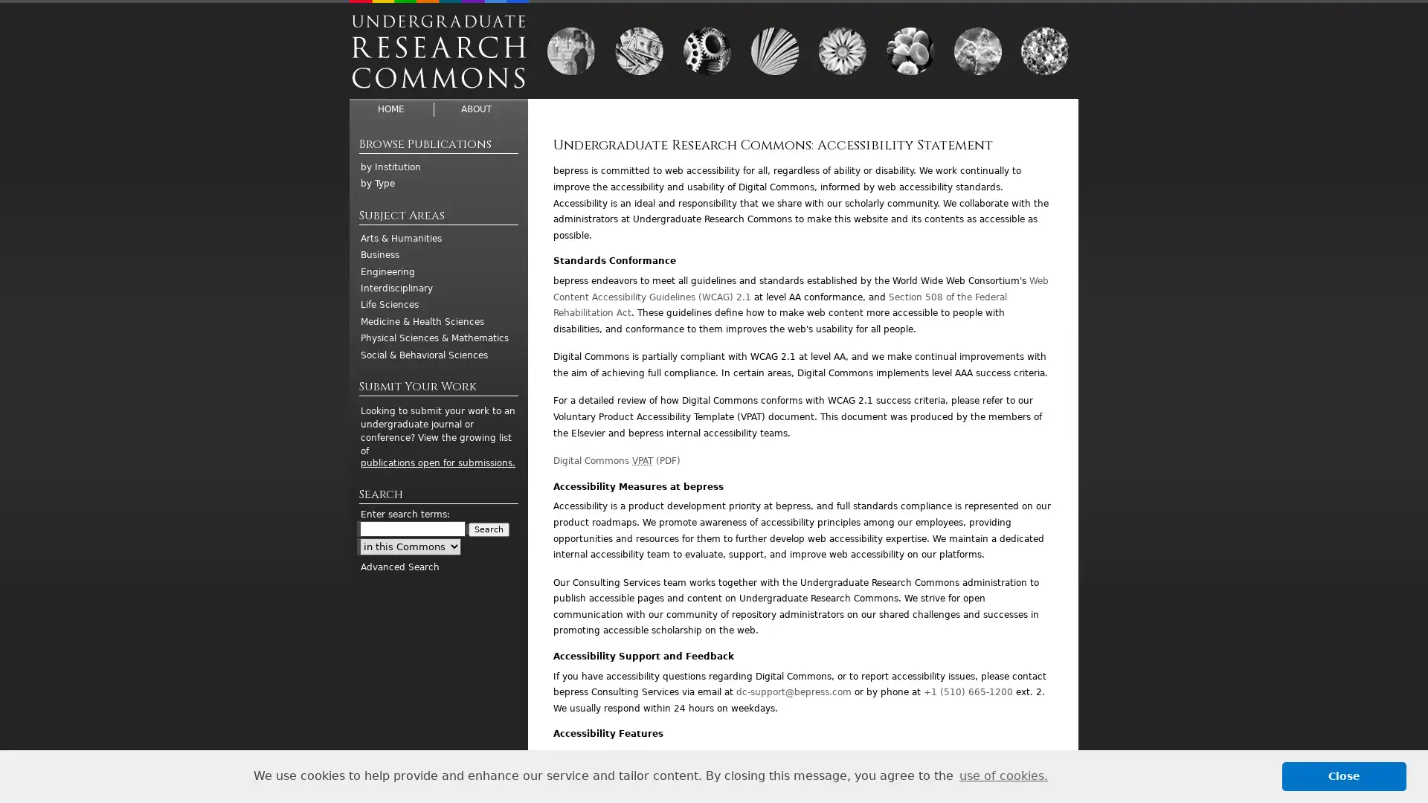 This screenshot has width=1428, height=803. What do you see at coordinates (1003, 775) in the screenshot?
I see `learn more about cookies` at bounding box center [1003, 775].